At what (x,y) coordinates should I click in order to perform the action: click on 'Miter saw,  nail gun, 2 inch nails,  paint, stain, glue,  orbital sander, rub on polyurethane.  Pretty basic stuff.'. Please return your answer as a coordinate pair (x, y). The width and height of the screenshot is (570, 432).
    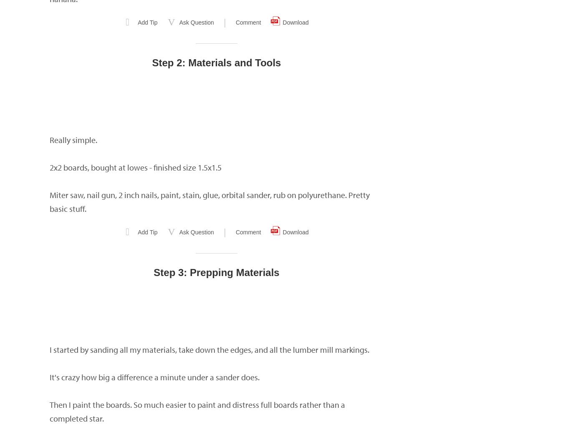
    Looking at the image, I should click on (209, 202).